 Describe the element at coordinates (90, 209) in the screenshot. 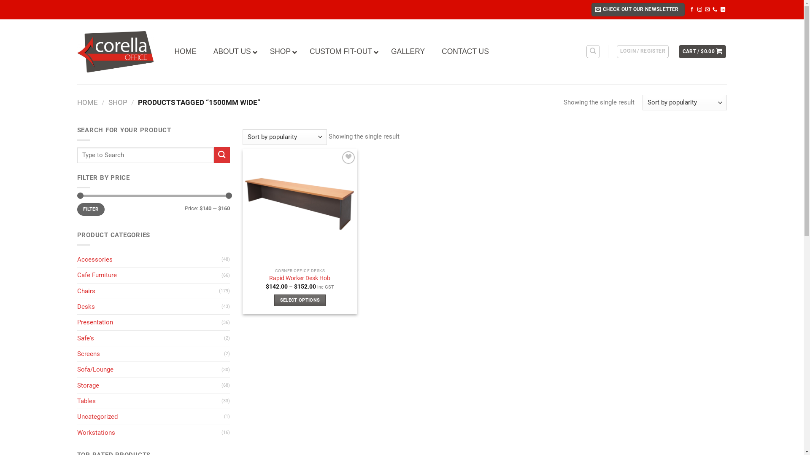

I see `'FILTER'` at that location.